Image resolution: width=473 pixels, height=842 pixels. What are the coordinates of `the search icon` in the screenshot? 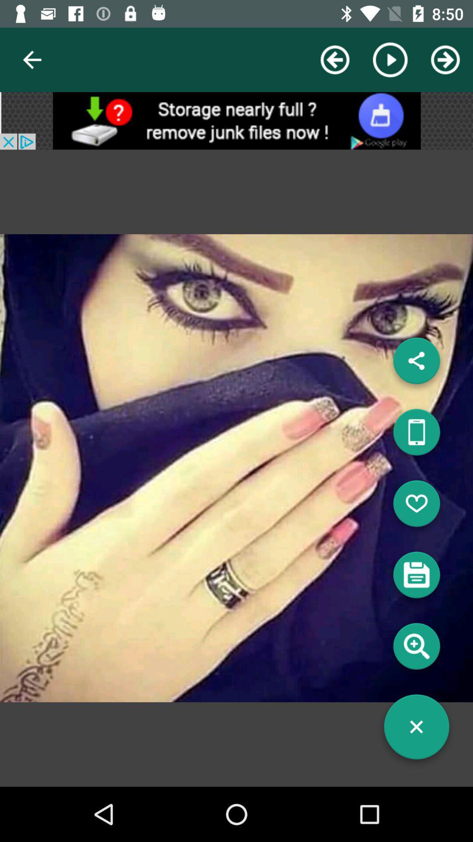 It's located at (416, 649).